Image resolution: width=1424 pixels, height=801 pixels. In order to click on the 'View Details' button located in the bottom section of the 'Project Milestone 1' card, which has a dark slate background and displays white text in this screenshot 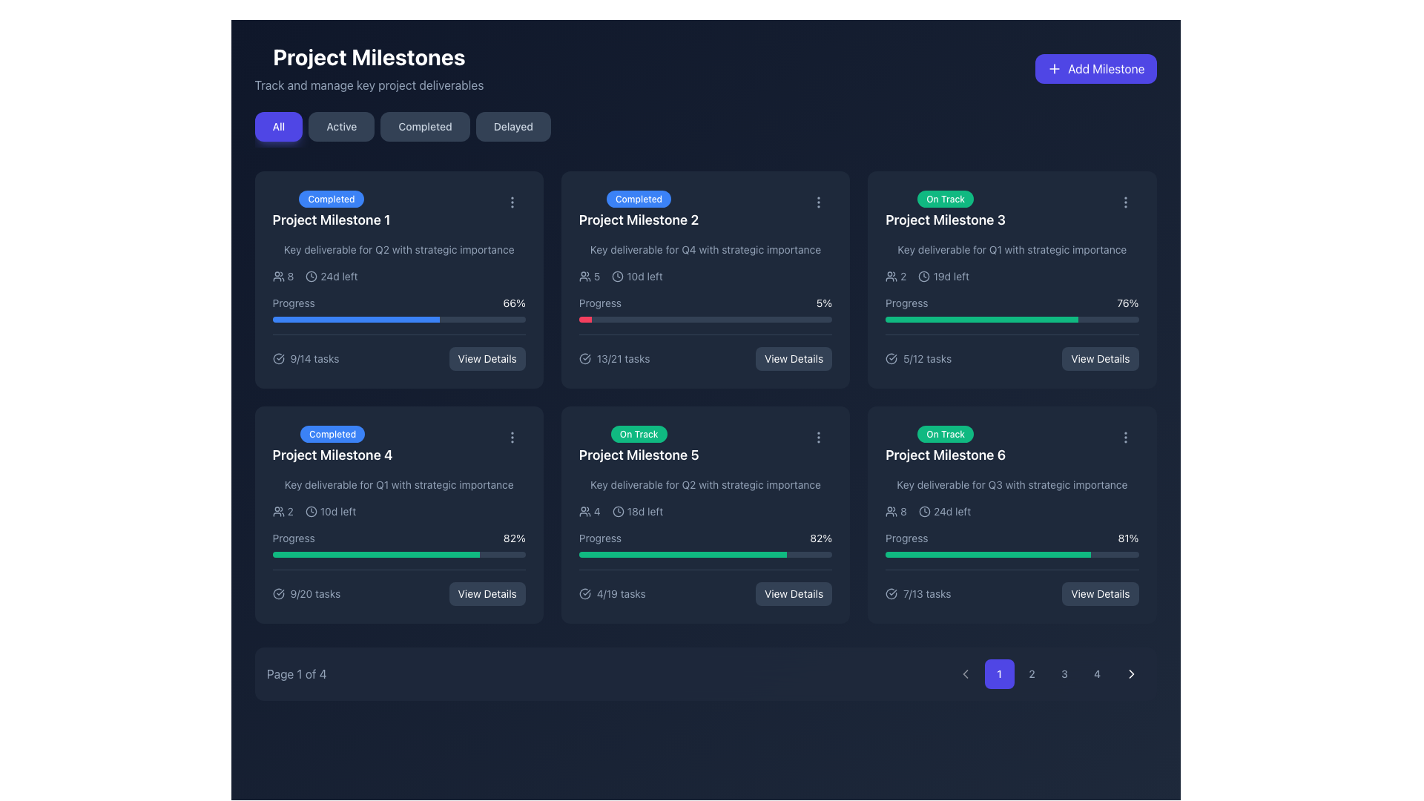, I will do `click(487, 358)`.